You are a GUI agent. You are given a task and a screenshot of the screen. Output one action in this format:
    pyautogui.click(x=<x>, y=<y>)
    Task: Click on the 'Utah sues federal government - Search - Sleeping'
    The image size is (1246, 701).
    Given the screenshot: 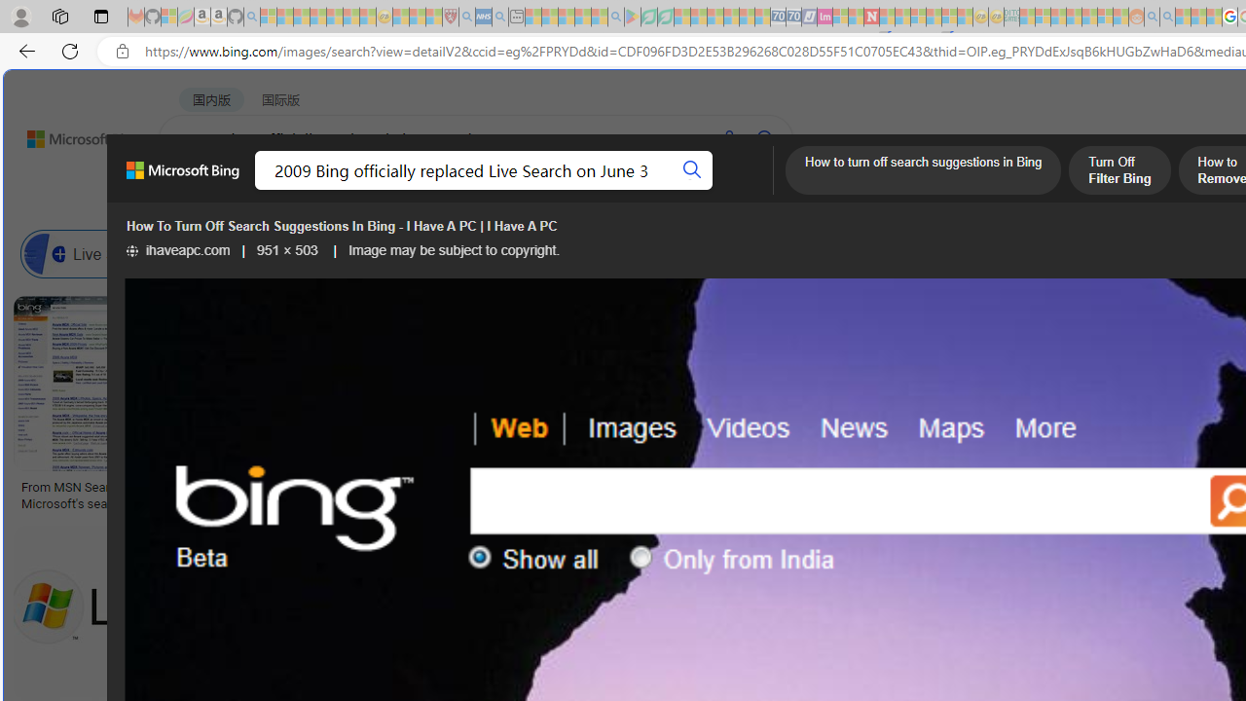 What is the action you would take?
    pyautogui.click(x=1167, y=17)
    